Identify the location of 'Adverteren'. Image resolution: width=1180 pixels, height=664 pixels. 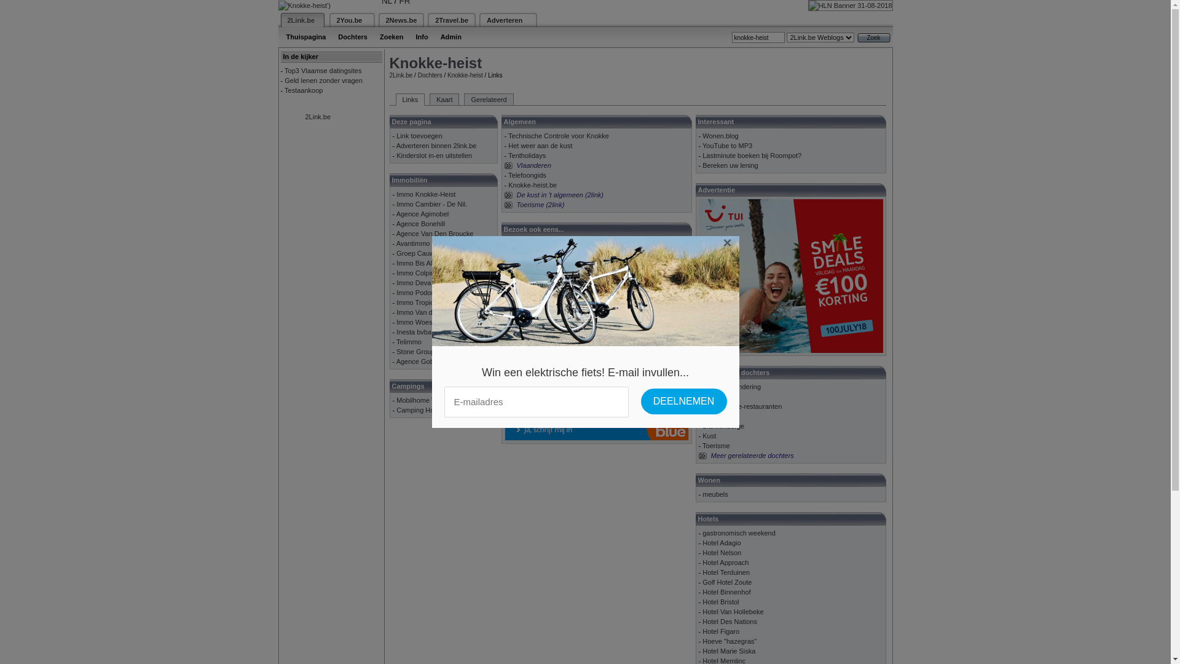
(504, 20).